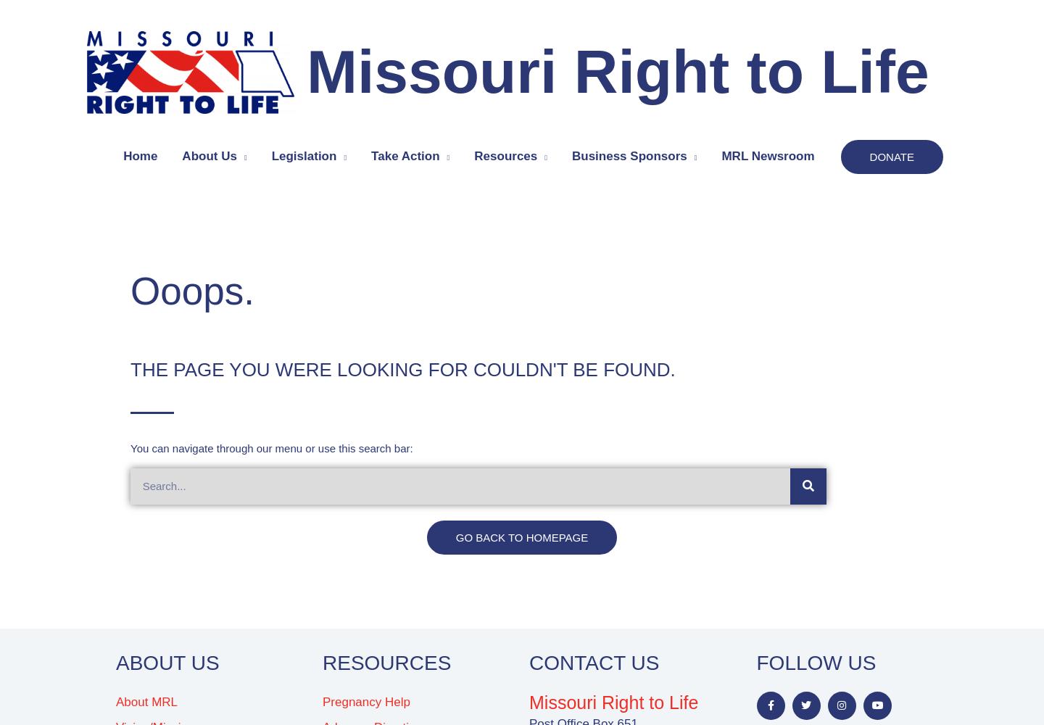  What do you see at coordinates (755, 663) in the screenshot?
I see `'Follow Us'` at bounding box center [755, 663].